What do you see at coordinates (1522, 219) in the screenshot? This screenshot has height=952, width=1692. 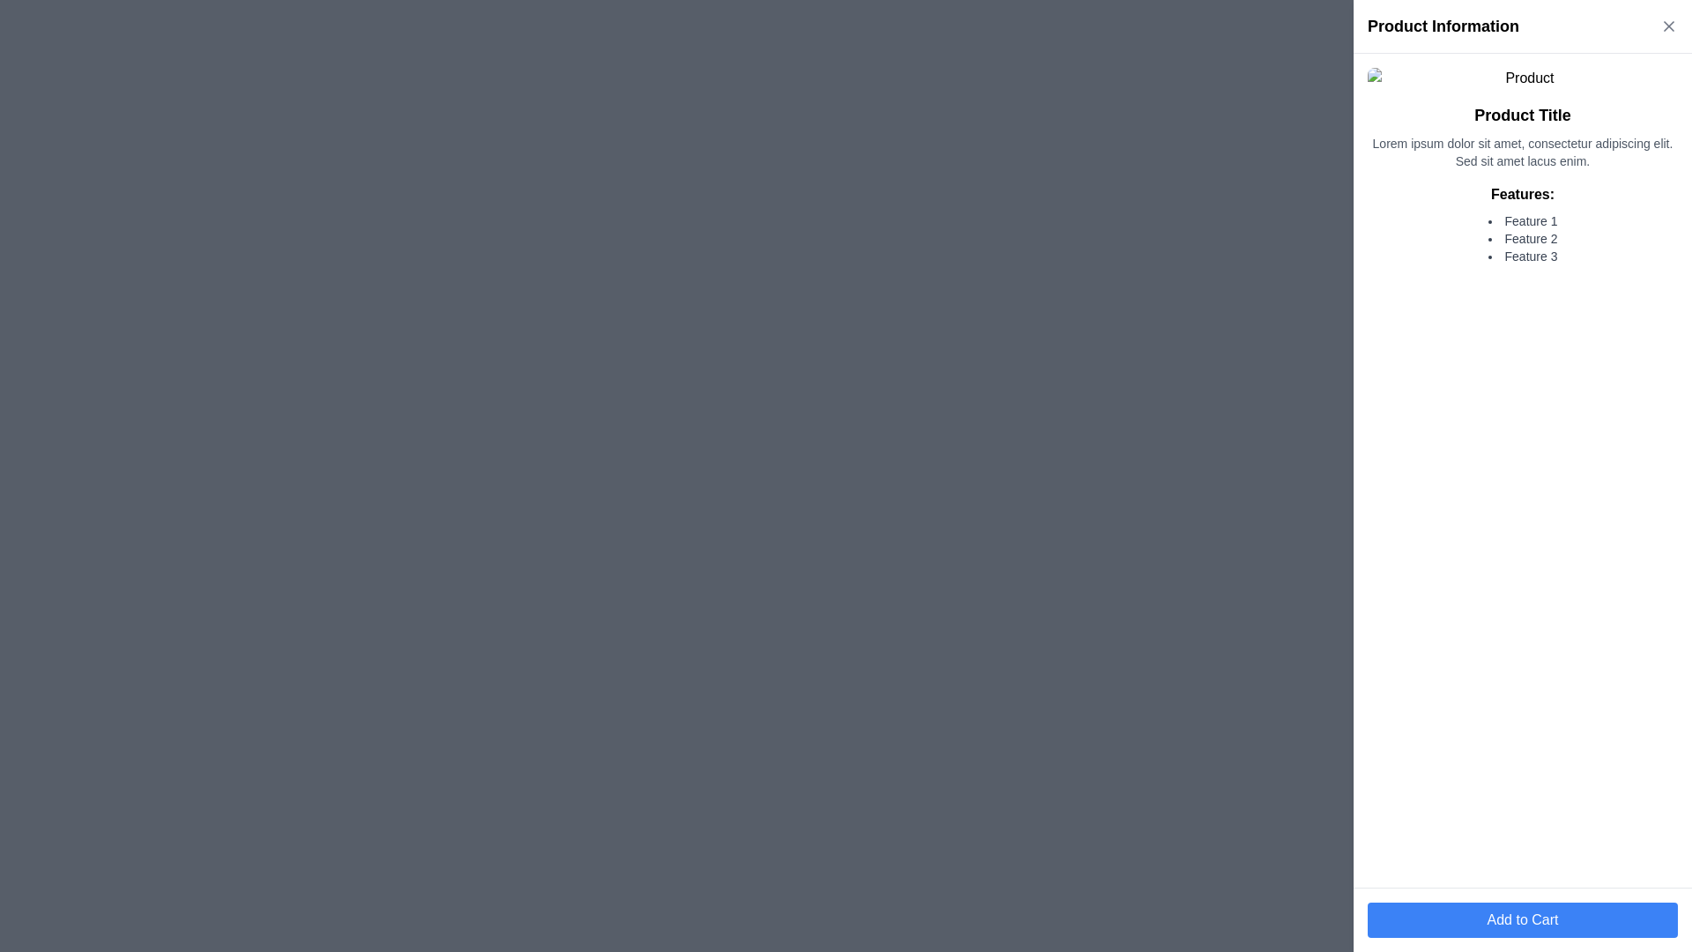 I see `the text element 'Feature 1' which is the first item in a bulleted list under the section labeled 'Features:'` at bounding box center [1522, 219].